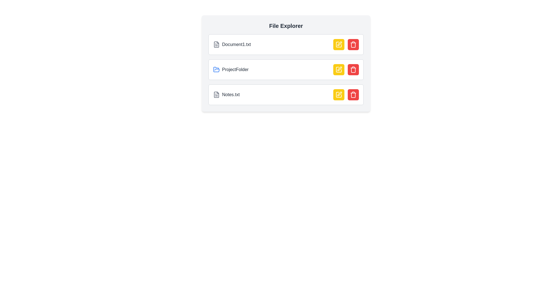 The height and width of the screenshot is (301, 535). I want to click on the file icon representing 'Document1.txt' to visually associate it with the corresponding file, so click(216, 44).